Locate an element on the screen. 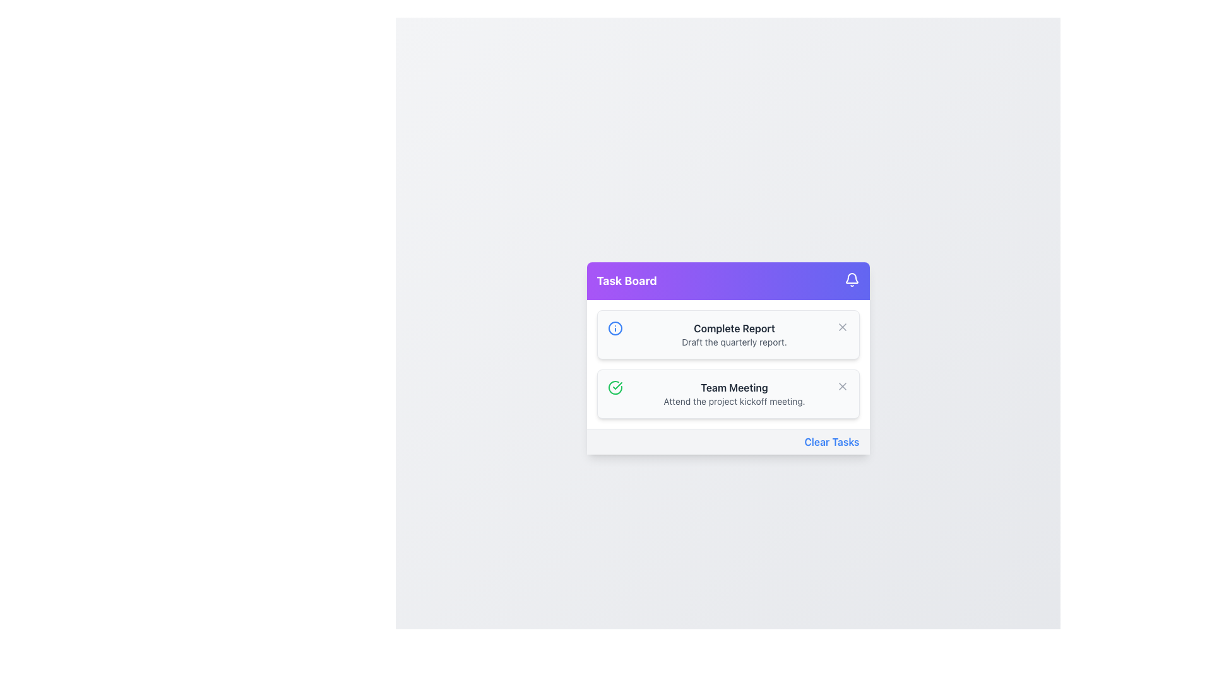 The height and width of the screenshot is (681, 1212). the Close or Remove Symbol icon represented by a diagonal cross (X) located at the top-right corner of the 'Complete Report' task card is located at coordinates (842, 326).